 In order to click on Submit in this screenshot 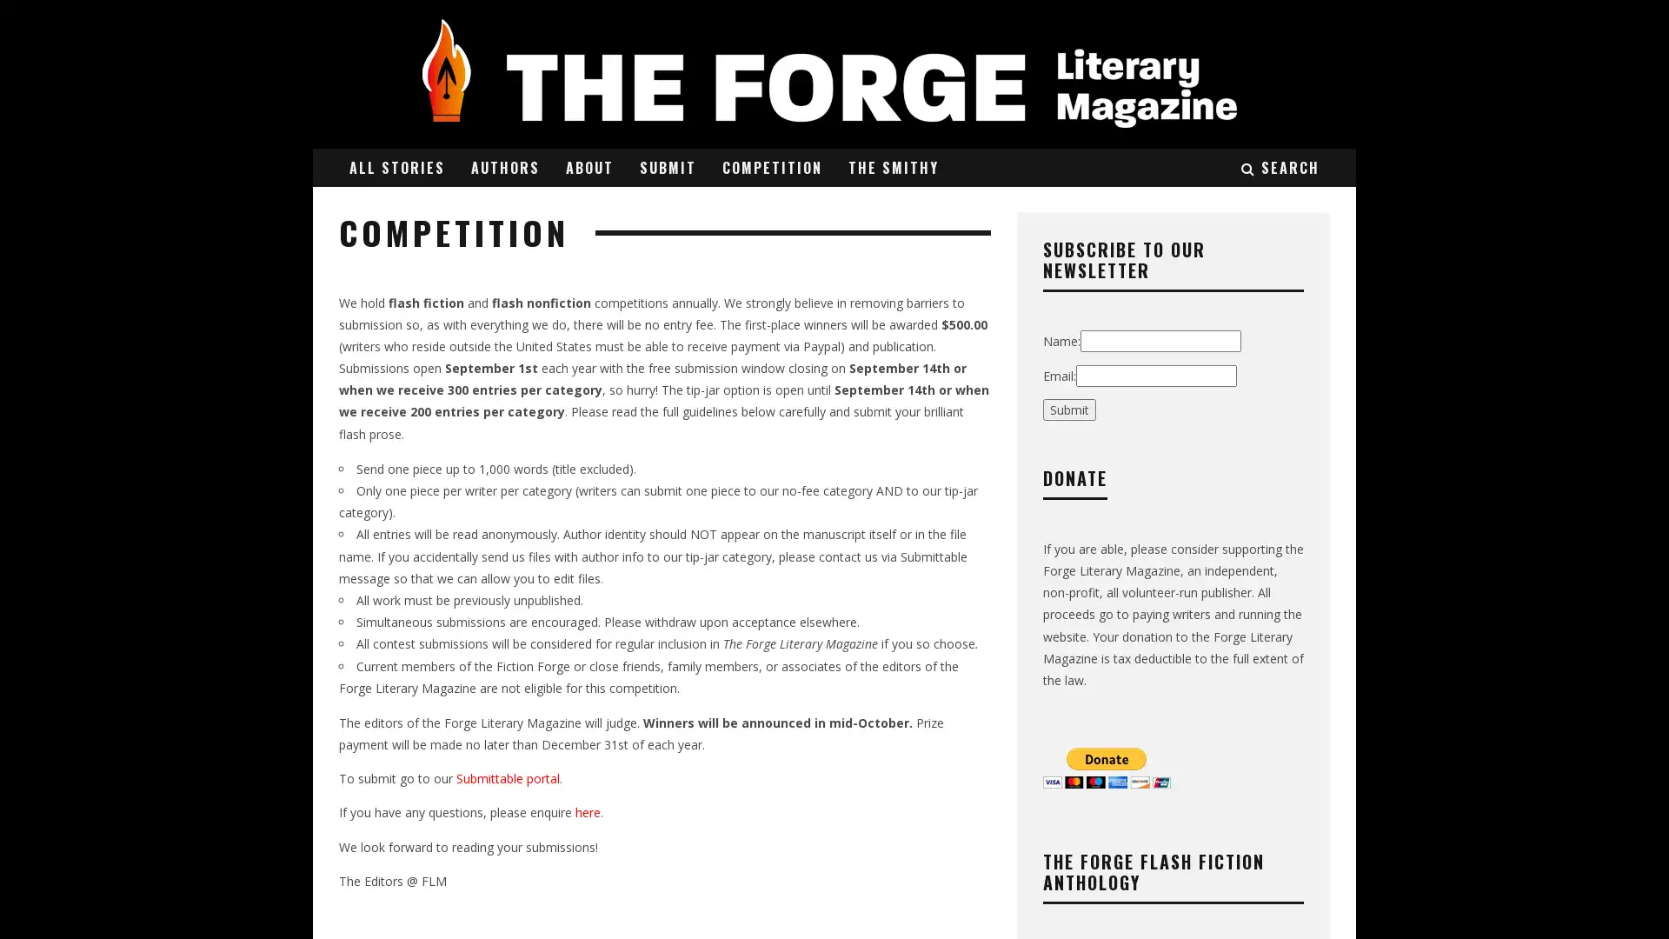, I will do `click(1068, 409)`.